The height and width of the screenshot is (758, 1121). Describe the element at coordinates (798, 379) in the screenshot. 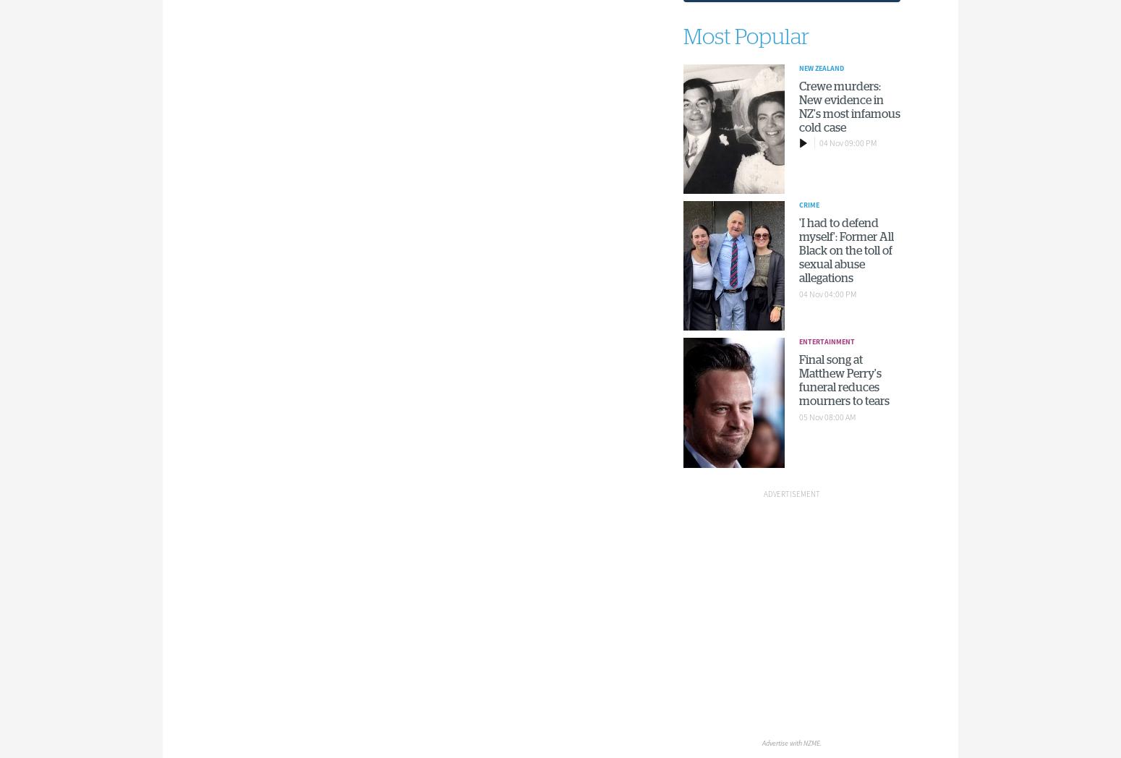

I see `'Final song at Matthew Perry's funeral reduces mourners to tears'` at that location.